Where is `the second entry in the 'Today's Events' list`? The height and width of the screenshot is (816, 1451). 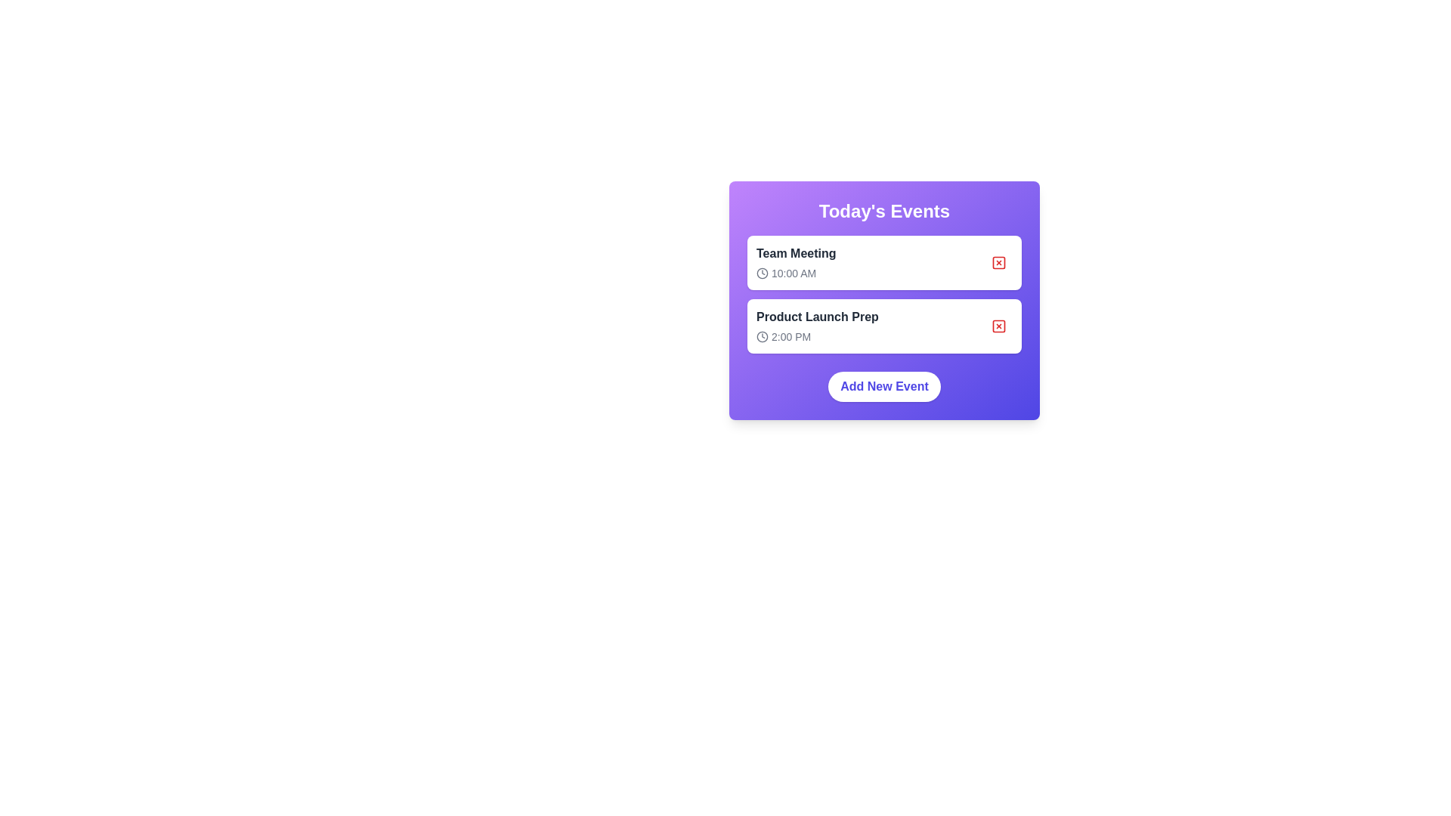
the second entry in the 'Today's Events' list is located at coordinates (816, 326).